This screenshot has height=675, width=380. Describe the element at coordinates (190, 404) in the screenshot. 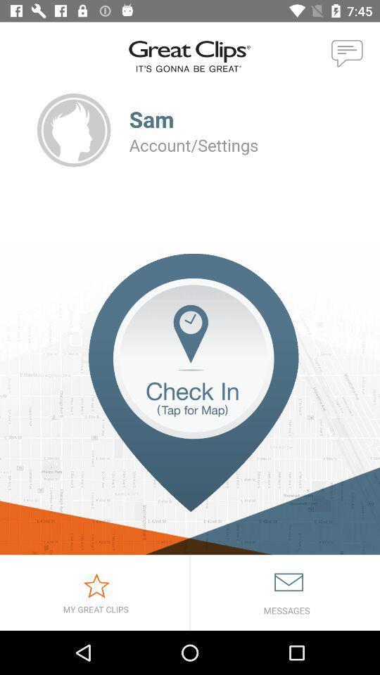

I see `get directions` at that location.